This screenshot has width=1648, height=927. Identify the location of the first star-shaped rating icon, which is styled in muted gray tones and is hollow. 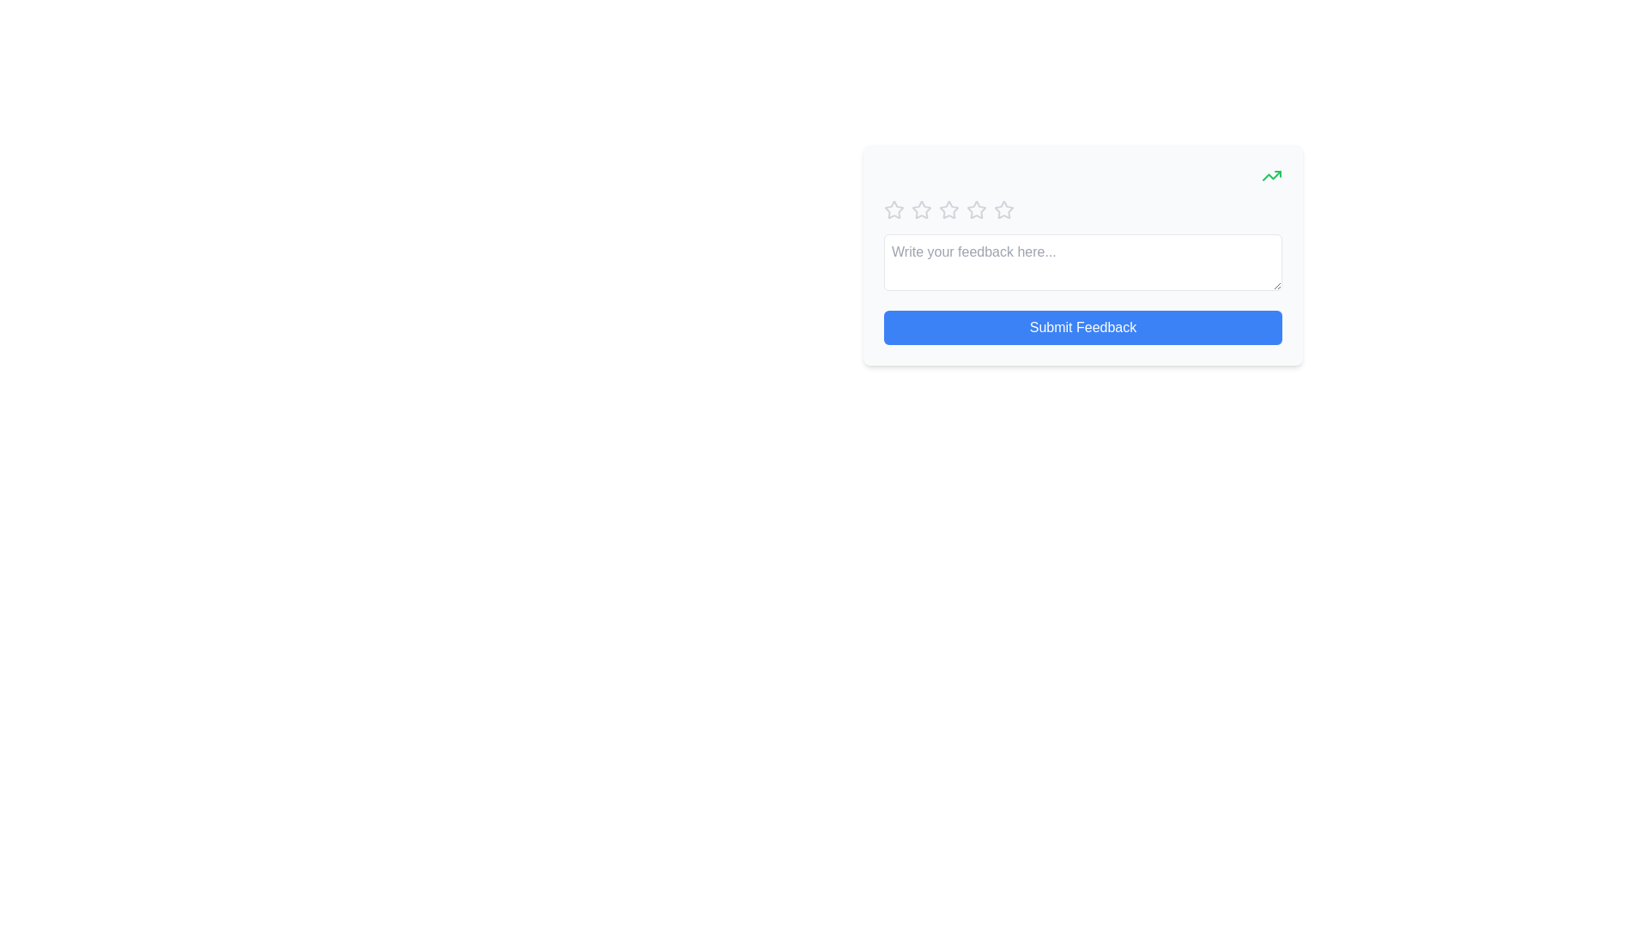
(893, 209).